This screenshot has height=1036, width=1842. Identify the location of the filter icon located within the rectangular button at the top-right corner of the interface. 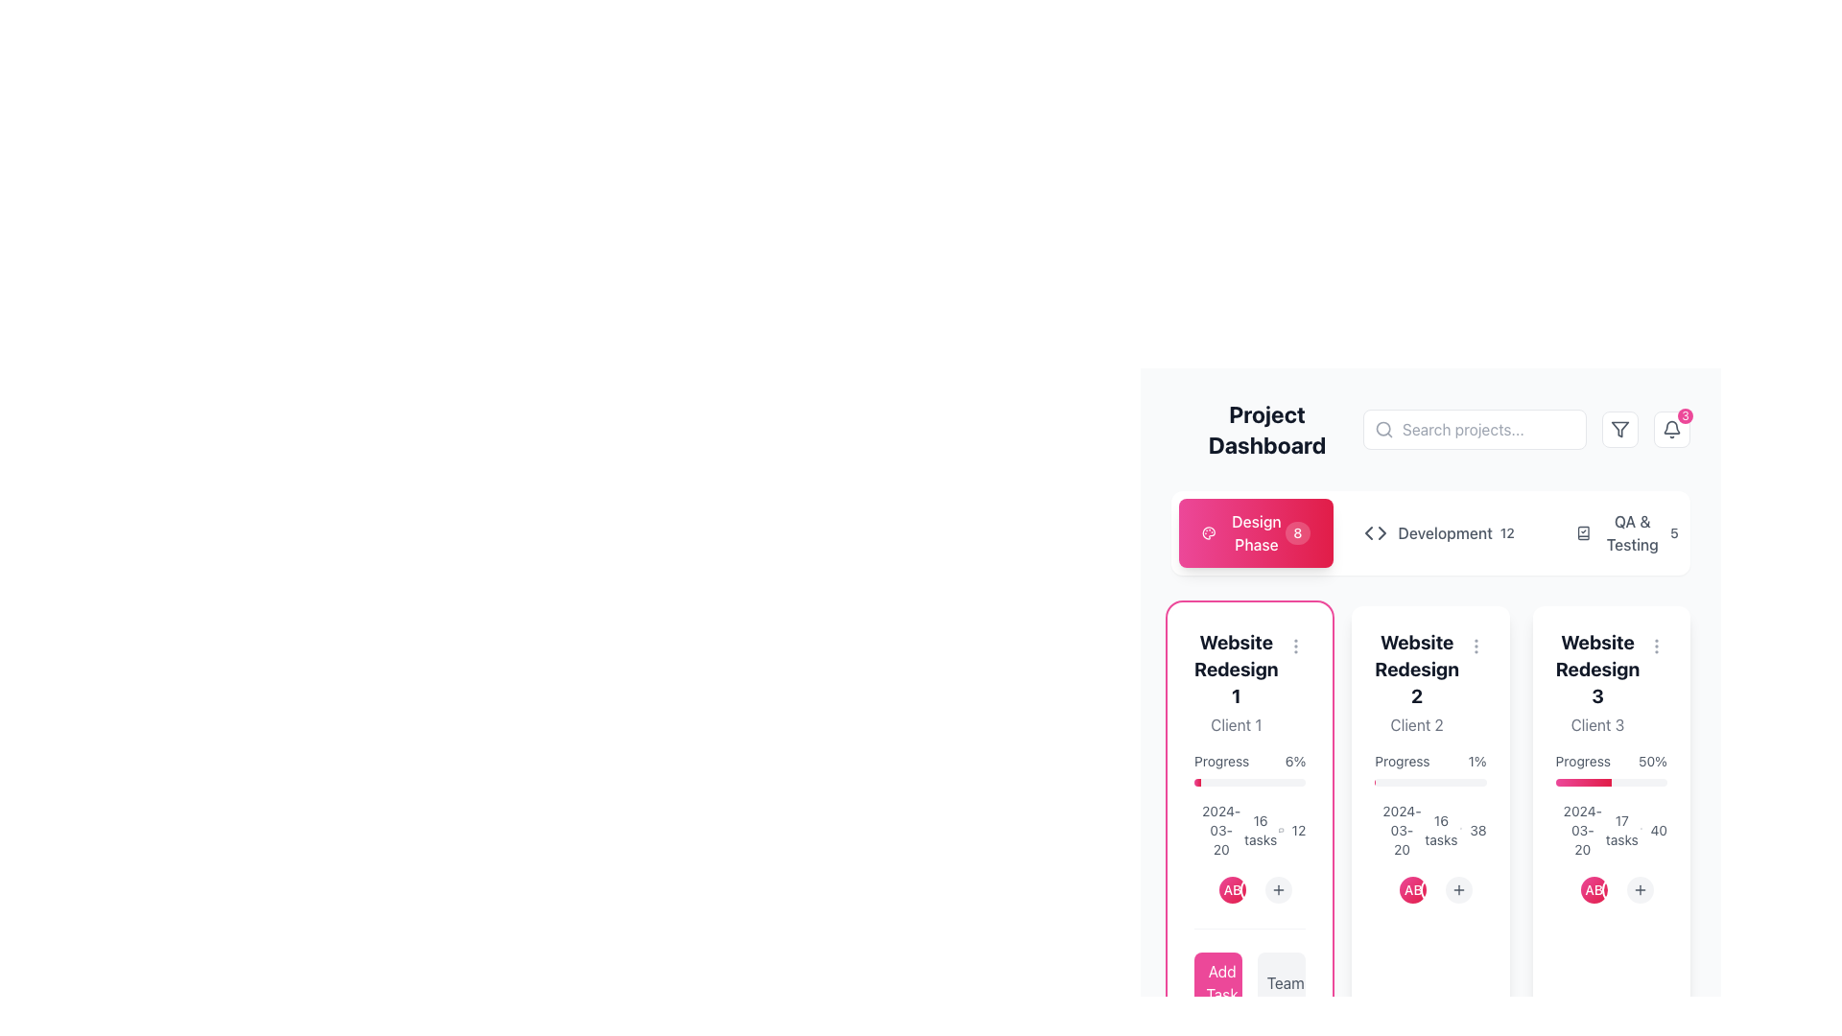
(1619, 428).